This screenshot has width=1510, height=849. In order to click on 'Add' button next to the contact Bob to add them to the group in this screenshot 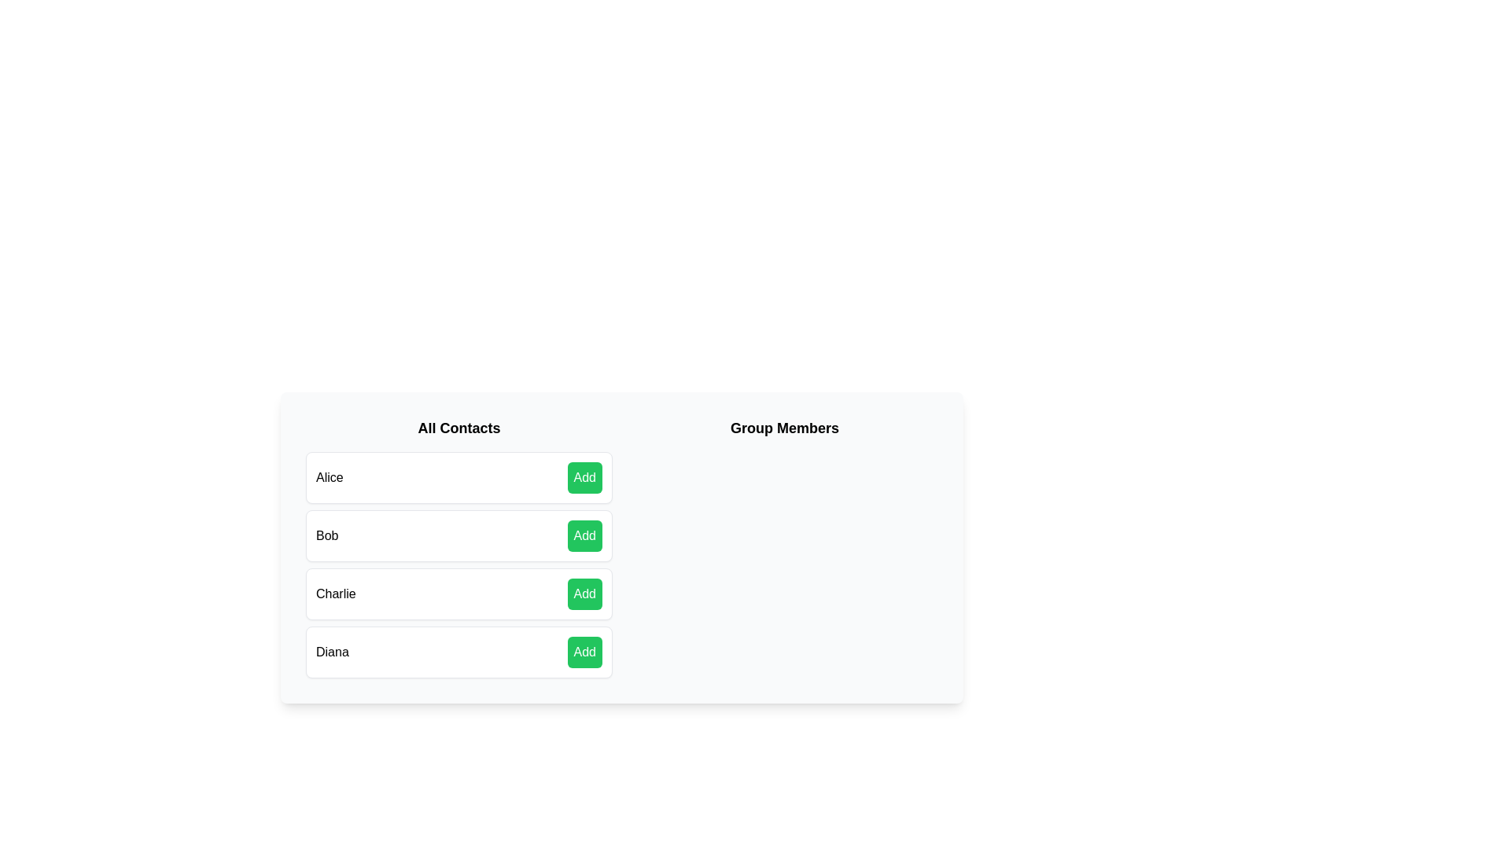, I will do `click(584, 535)`.